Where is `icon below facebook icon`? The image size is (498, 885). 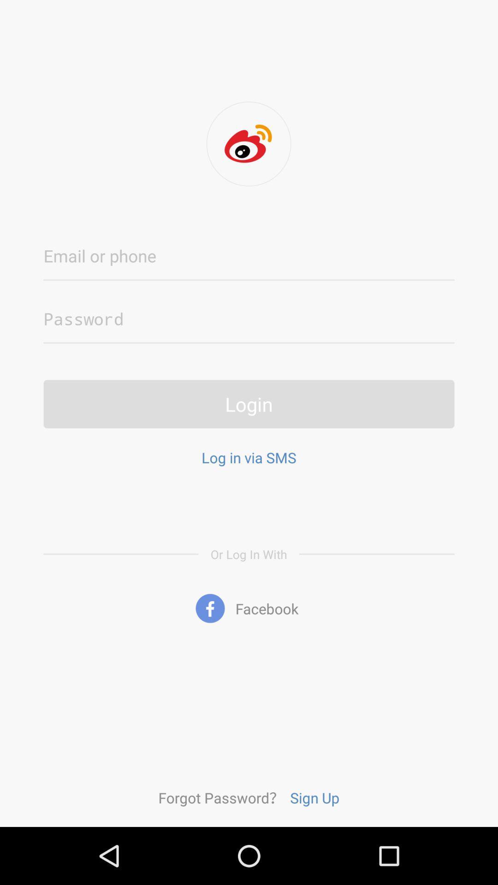 icon below facebook icon is located at coordinates (314, 797).